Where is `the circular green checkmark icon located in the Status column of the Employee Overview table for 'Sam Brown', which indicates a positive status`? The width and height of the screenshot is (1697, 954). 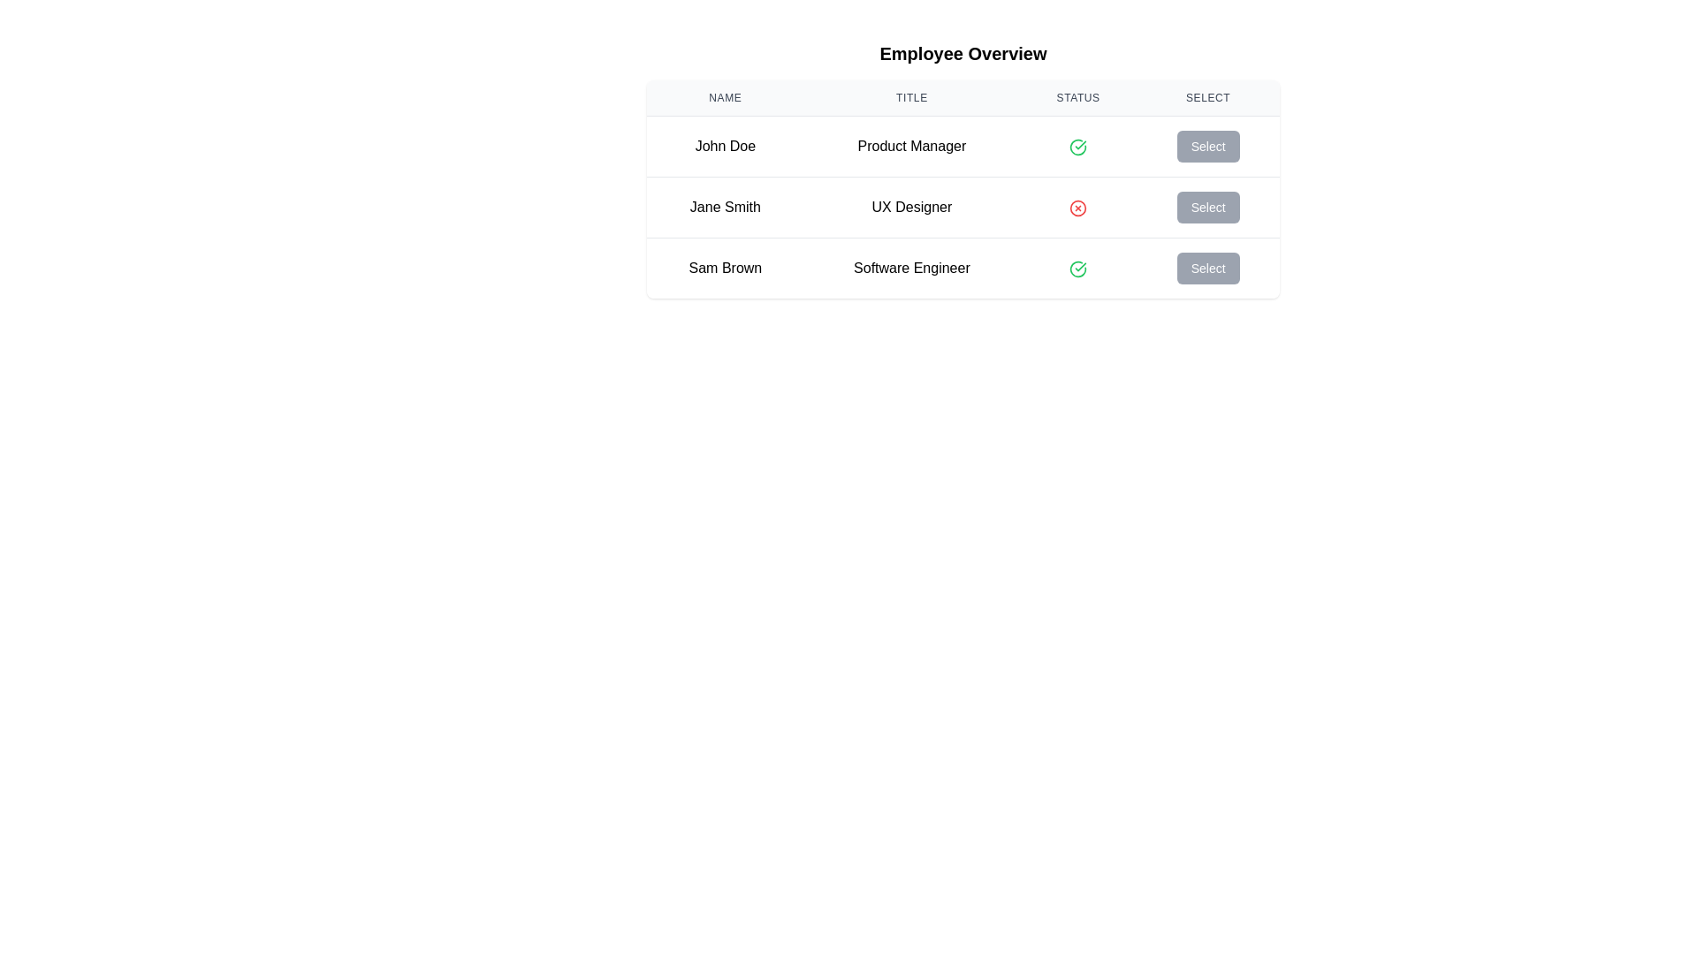 the circular green checkmark icon located in the Status column of the Employee Overview table for 'Sam Brown', which indicates a positive status is located at coordinates (1077, 269).